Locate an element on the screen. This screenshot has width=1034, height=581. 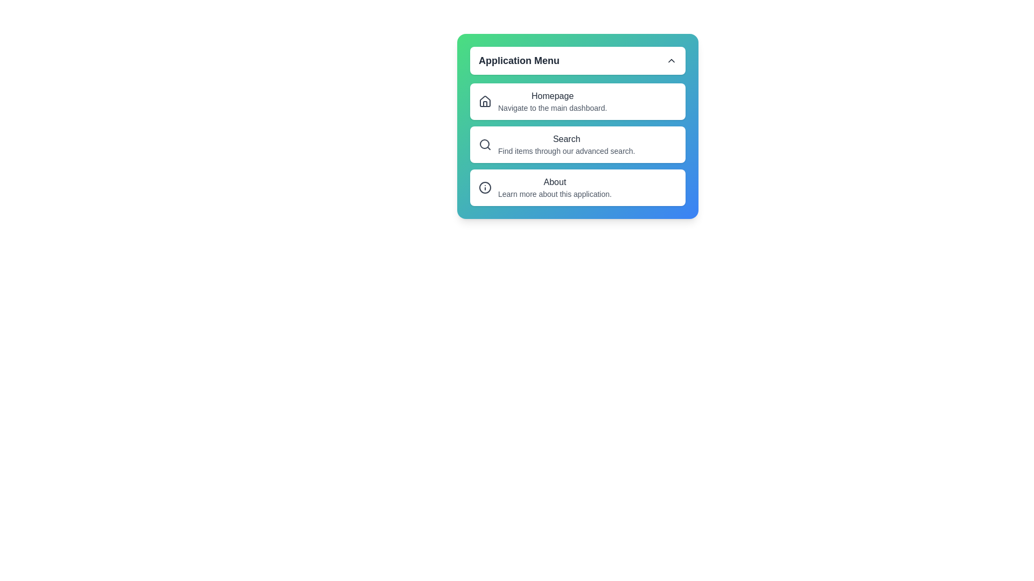
the 'Homepage' menu option in the menu is located at coordinates (577, 102).